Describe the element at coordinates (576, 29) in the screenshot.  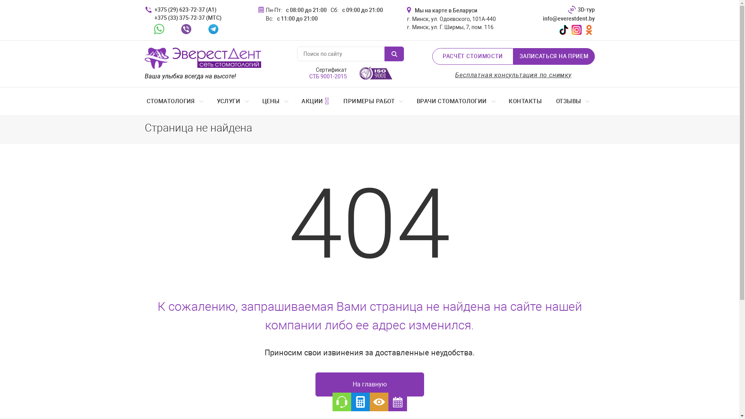
I see `'Instagram'` at that location.